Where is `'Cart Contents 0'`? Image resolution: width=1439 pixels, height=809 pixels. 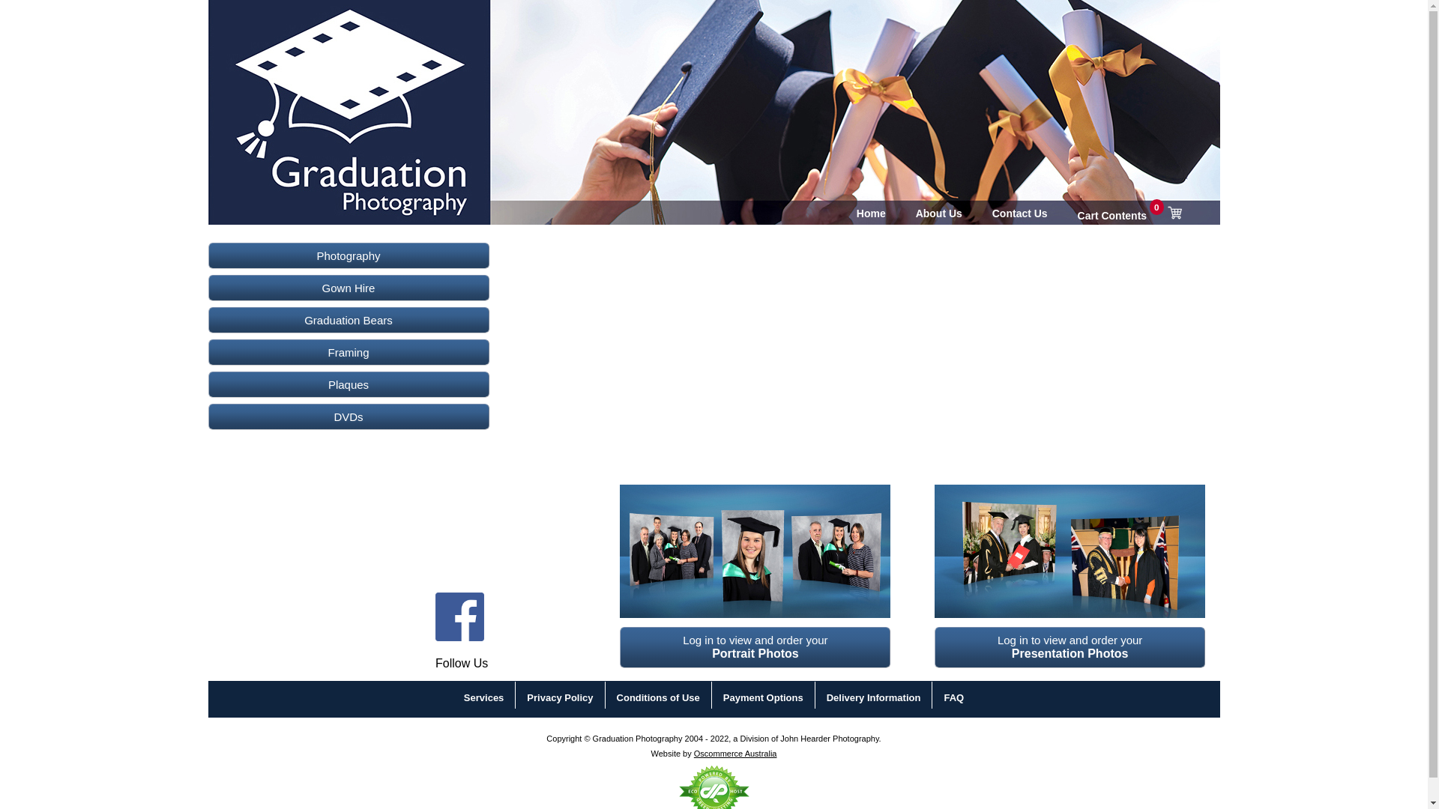
'Cart Contents 0' is located at coordinates (1129, 213).